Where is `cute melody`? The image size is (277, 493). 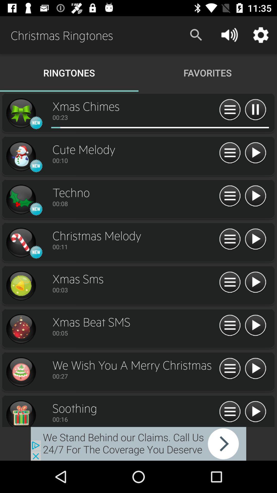 cute melody is located at coordinates (255, 153).